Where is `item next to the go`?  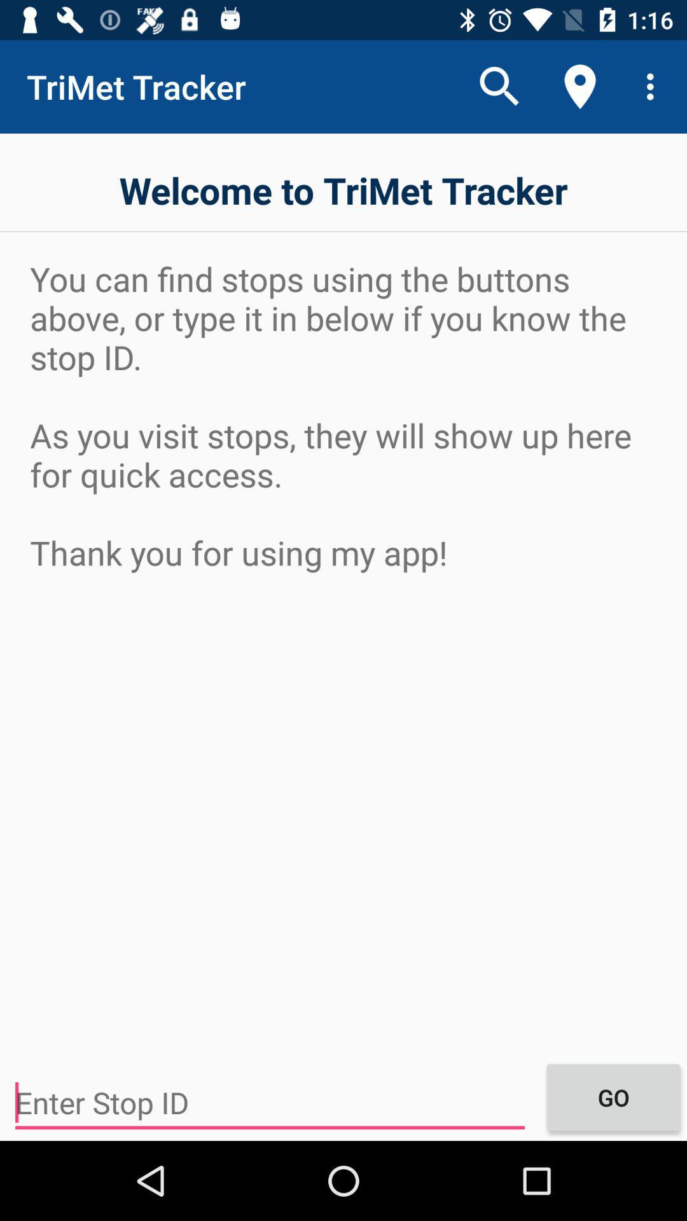
item next to the go is located at coordinates (269, 1102).